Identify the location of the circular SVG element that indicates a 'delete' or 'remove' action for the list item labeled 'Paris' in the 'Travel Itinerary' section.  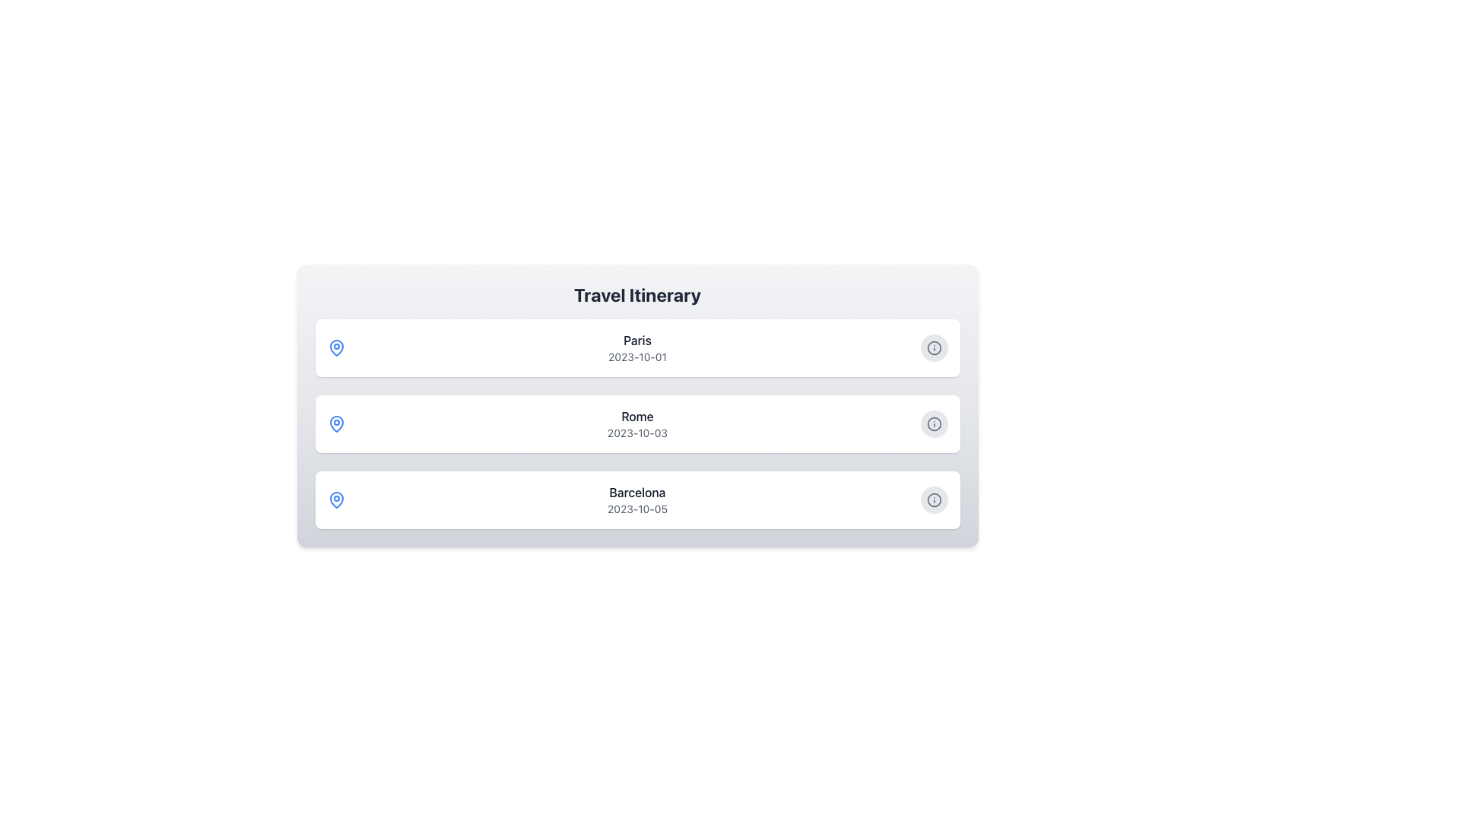
(933, 348).